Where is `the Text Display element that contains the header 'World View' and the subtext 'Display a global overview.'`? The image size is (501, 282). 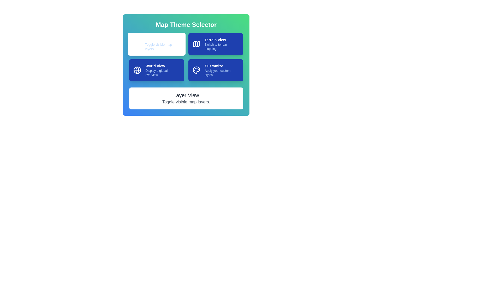
the Text Display element that contains the header 'World View' and the subtext 'Display a global overview.' is located at coordinates (162, 70).